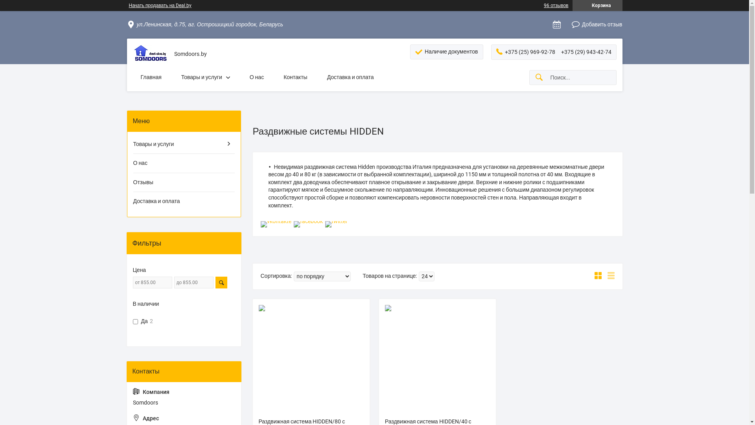  Describe the element at coordinates (336, 221) in the screenshot. I see `'twitter'` at that location.